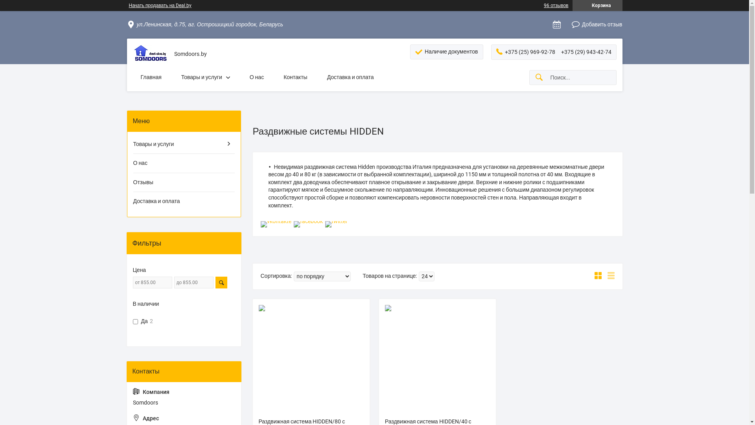  Describe the element at coordinates (336, 221) in the screenshot. I see `'twitter'` at that location.